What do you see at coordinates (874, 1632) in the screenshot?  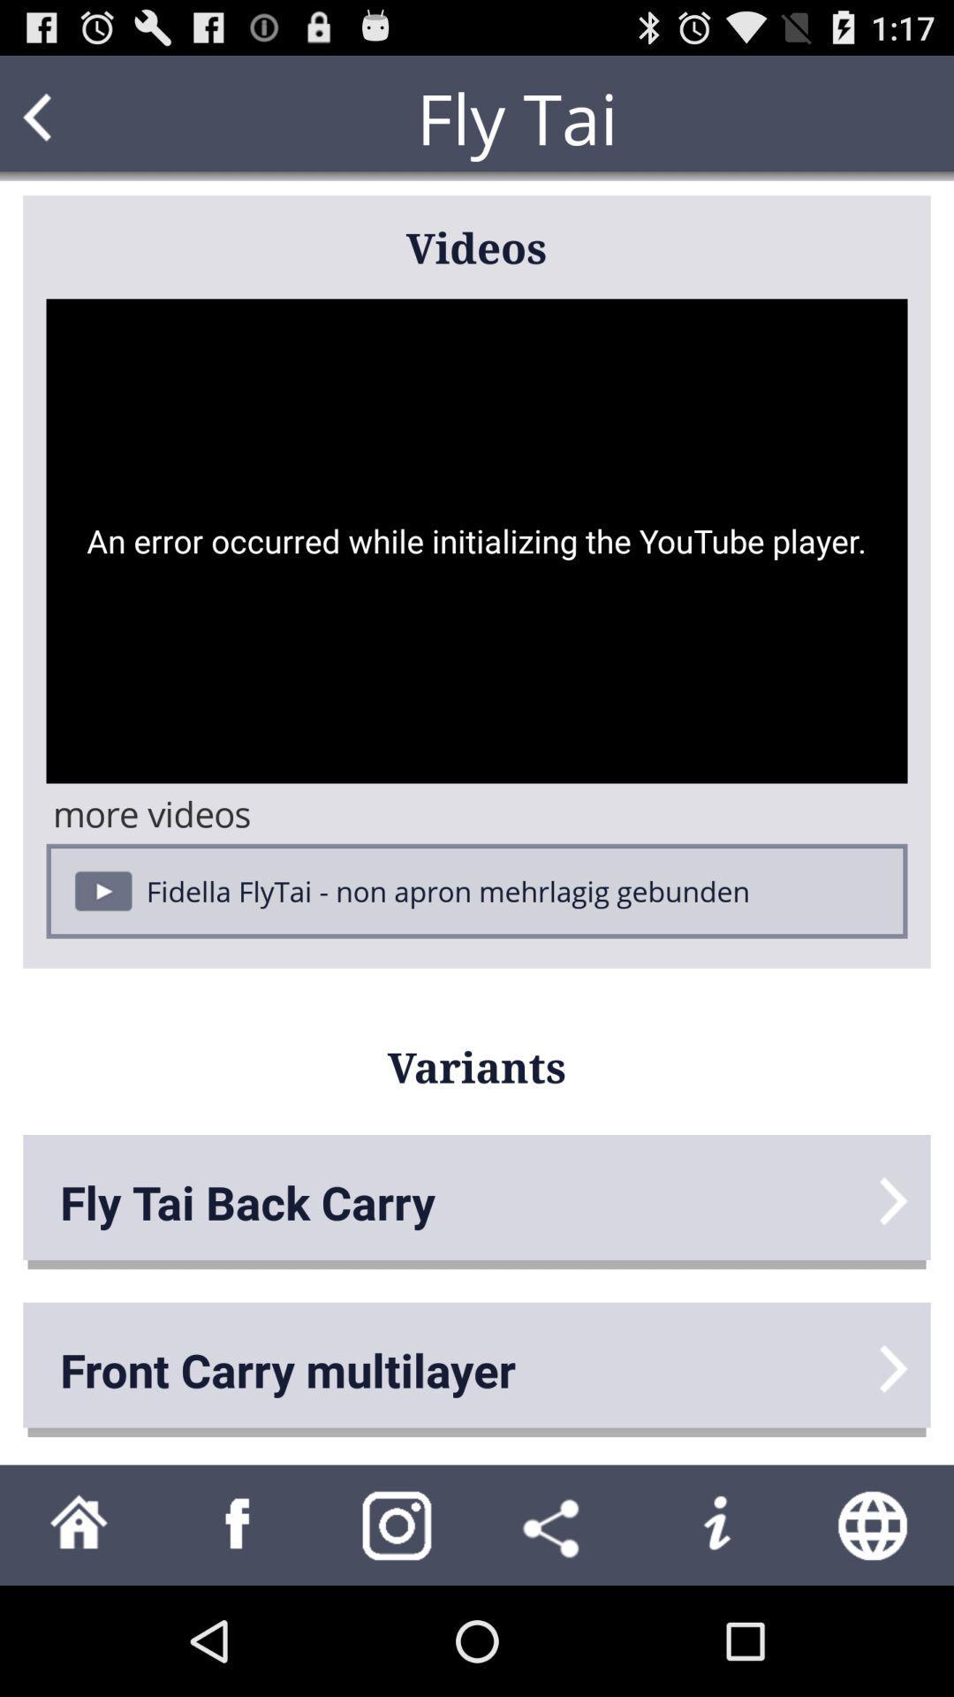 I see `the globe icon` at bounding box center [874, 1632].